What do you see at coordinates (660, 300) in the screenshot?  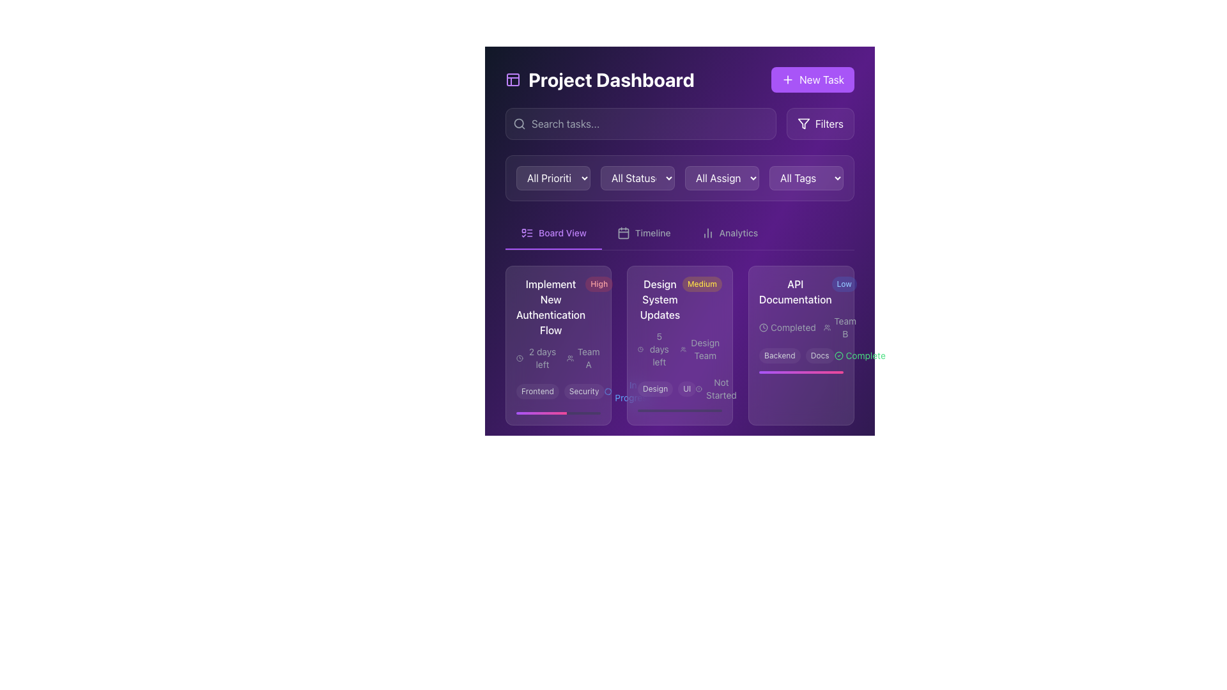 I see `text label that serves as the title for the task card labeled 'Design System Updates', located in the second column of the first row, positioned above a yellow 'Medium' badge` at bounding box center [660, 300].